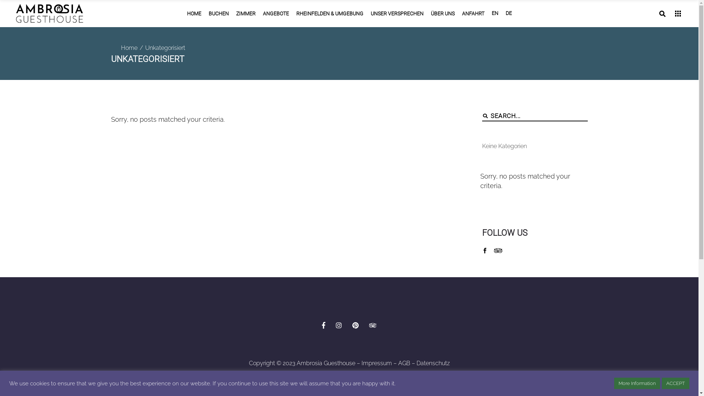 The image size is (704, 396). I want to click on 'HOME', so click(194, 14).